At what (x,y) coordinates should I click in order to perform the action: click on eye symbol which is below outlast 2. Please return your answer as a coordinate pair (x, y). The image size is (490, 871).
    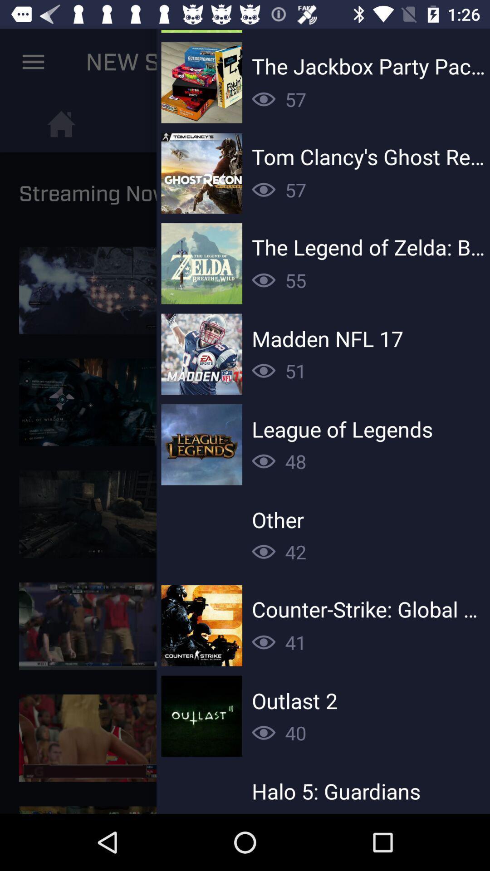
    Looking at the image, I should click on (264, 733).